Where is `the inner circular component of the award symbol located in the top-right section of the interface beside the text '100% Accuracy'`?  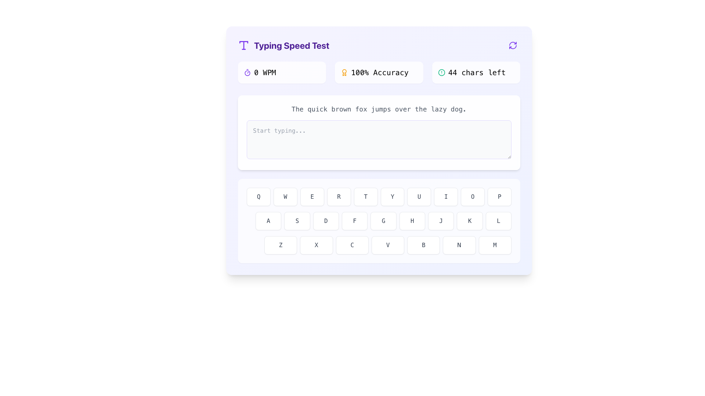
the inner circular component of the award symbol located in the top-right section of the interface beside the text '100% Accuracy' is located at coordinates (344, 71).